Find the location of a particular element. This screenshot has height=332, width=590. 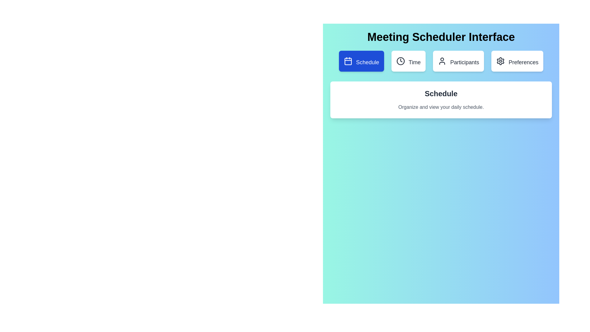

the SVG Circle representing the head in the 'Participants' button, which is the third button in a row of four, located at the top-center of the human figure icon is located at coordinates (442, 59).